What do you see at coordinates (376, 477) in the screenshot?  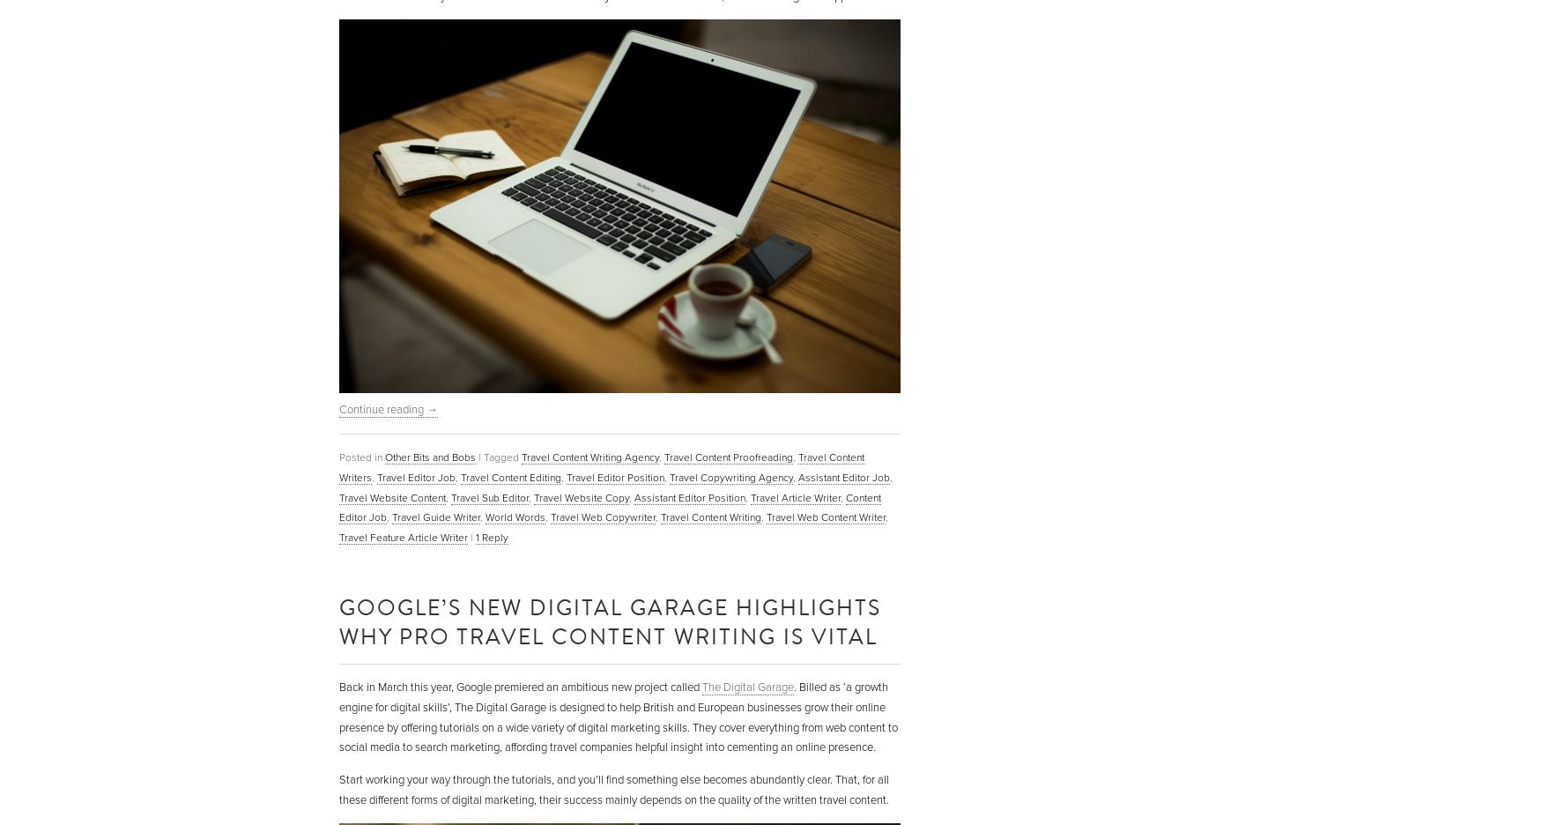 I see `'Travel Editor Job'` at bounding box center [376, 477].